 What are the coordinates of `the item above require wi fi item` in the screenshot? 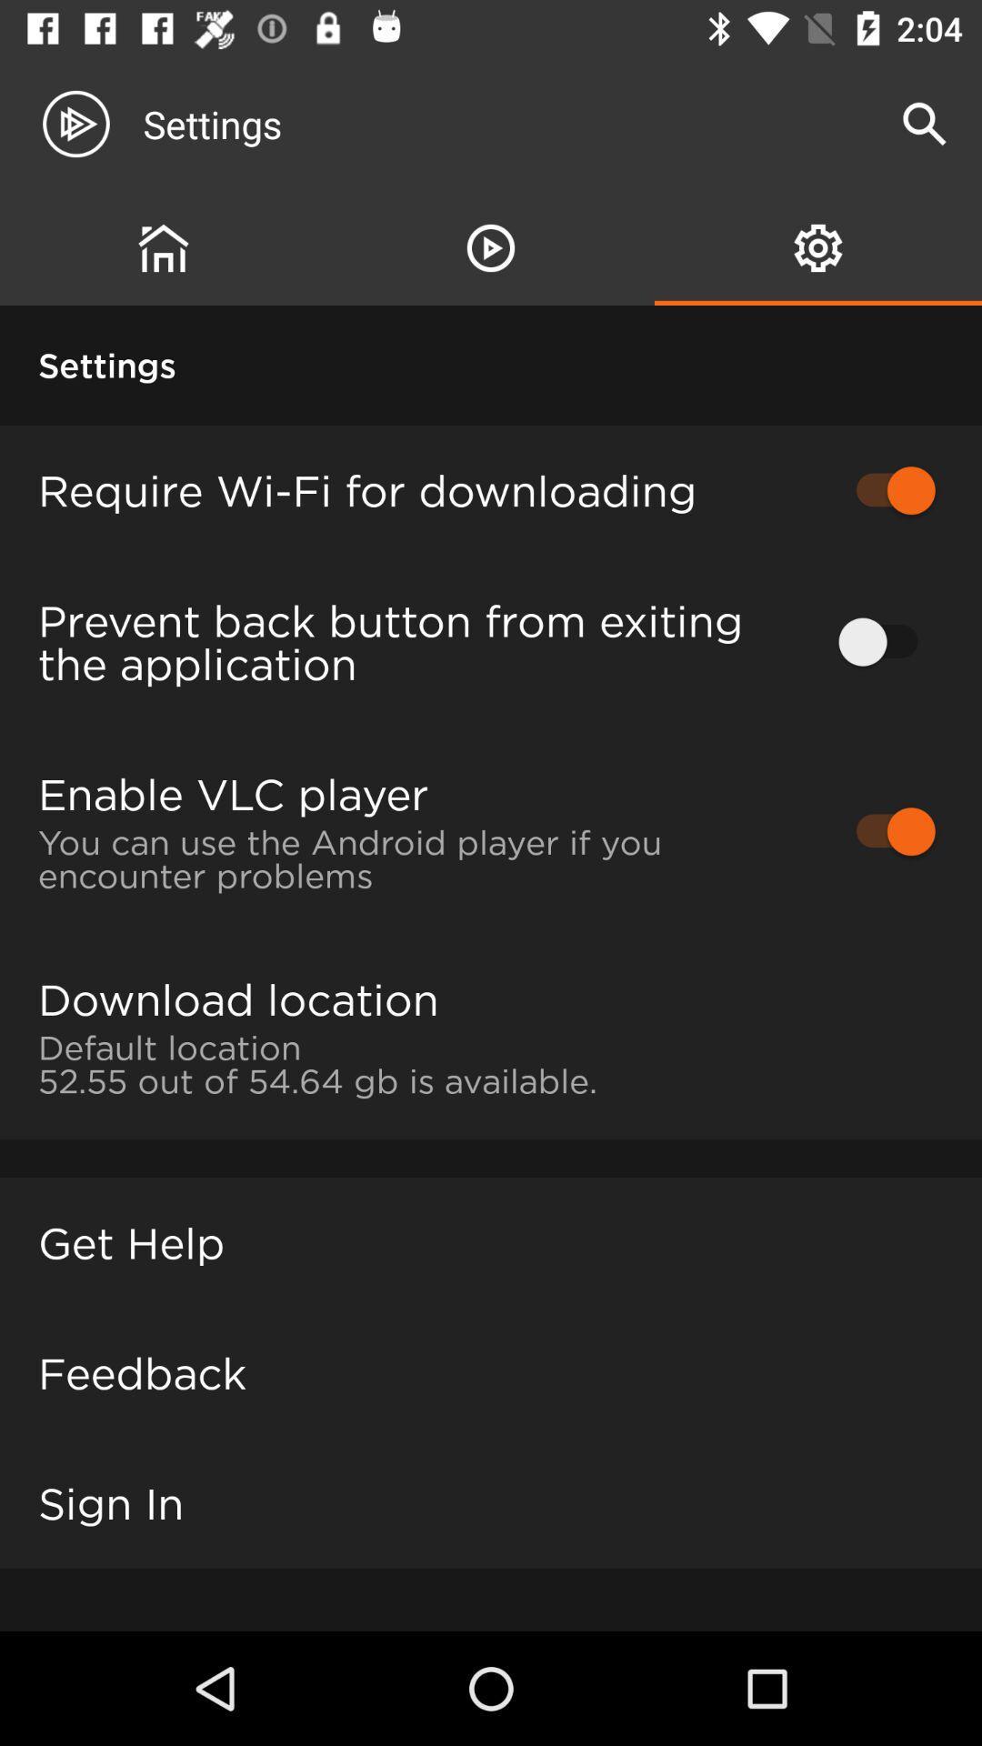 It's located at (491, 247).